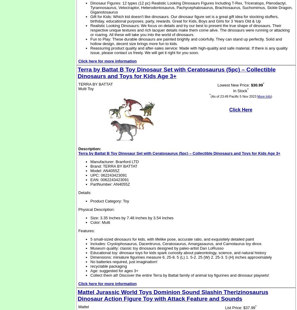 This screenshot has width=297, height=310. Describe the element at coordinates (90, 275) in the screenshot. I see `'Collect them all! Discover the entire Terra by Battat family of animal toy figurines and dinosaur playsets!'` at that location.